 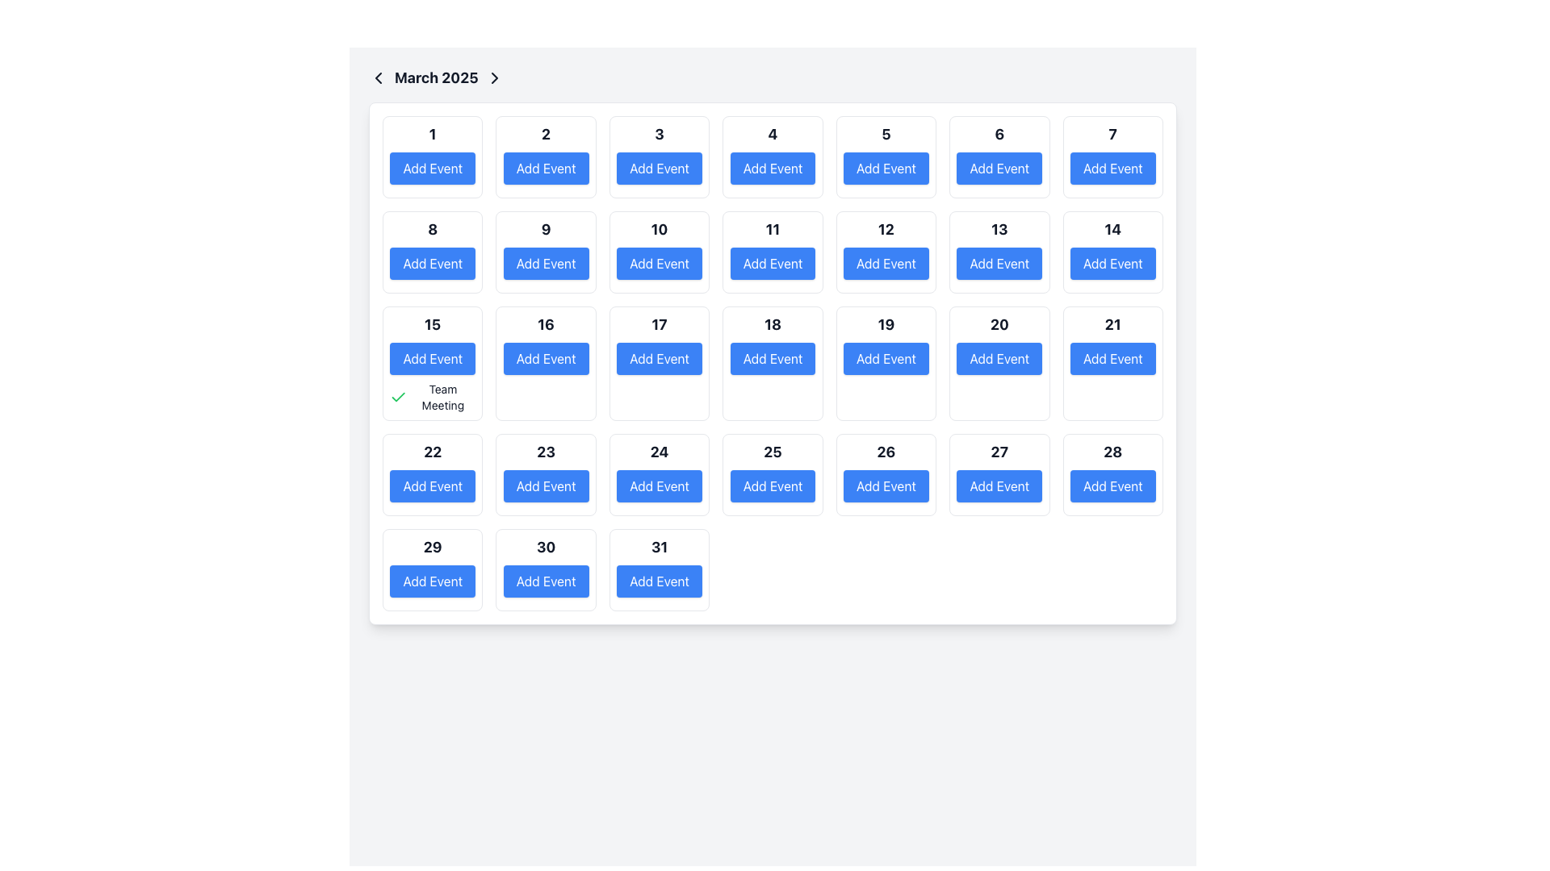 I want to click on the 'Add Event' button for the date March 18, located in the calendar interface, so click(x=772, y=357).